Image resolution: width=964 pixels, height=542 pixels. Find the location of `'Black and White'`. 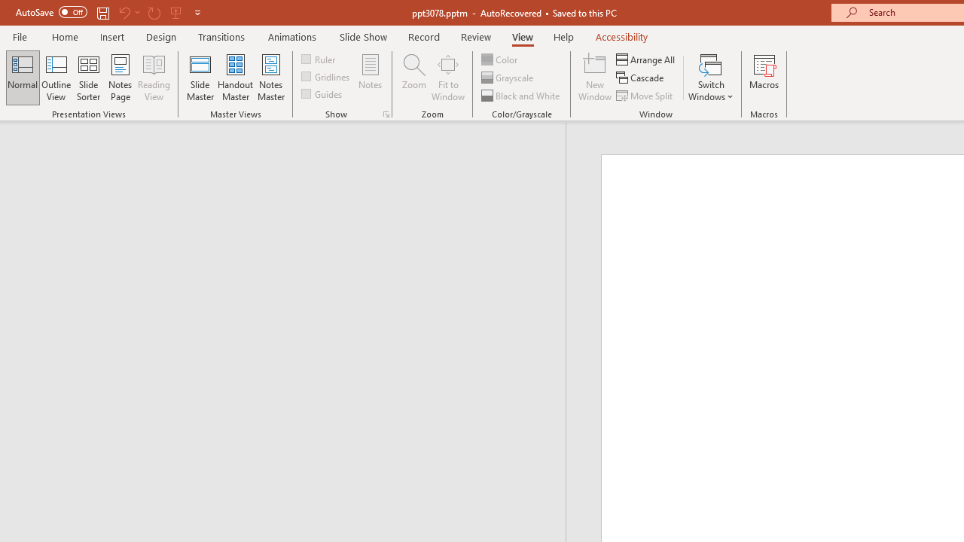

'Black and White' is located at coordinates (522, 96).